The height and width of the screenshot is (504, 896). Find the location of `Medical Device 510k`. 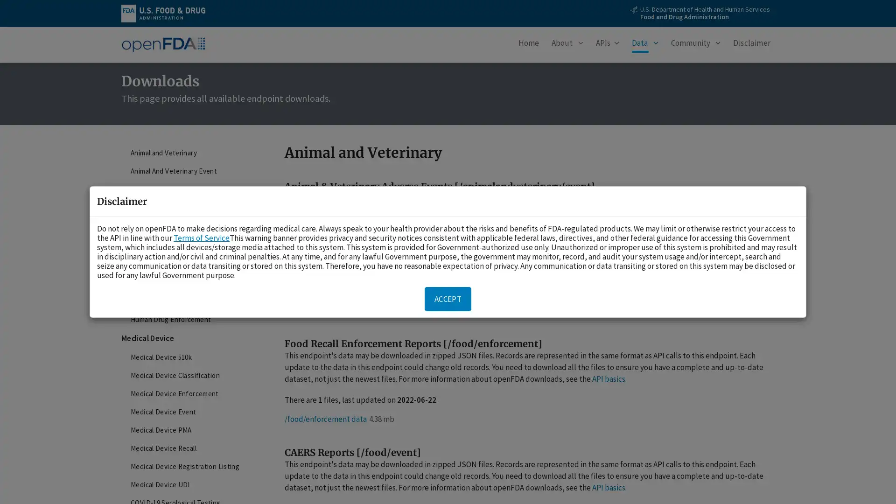

Medical Device 510k is located at coordinates (190, 357).